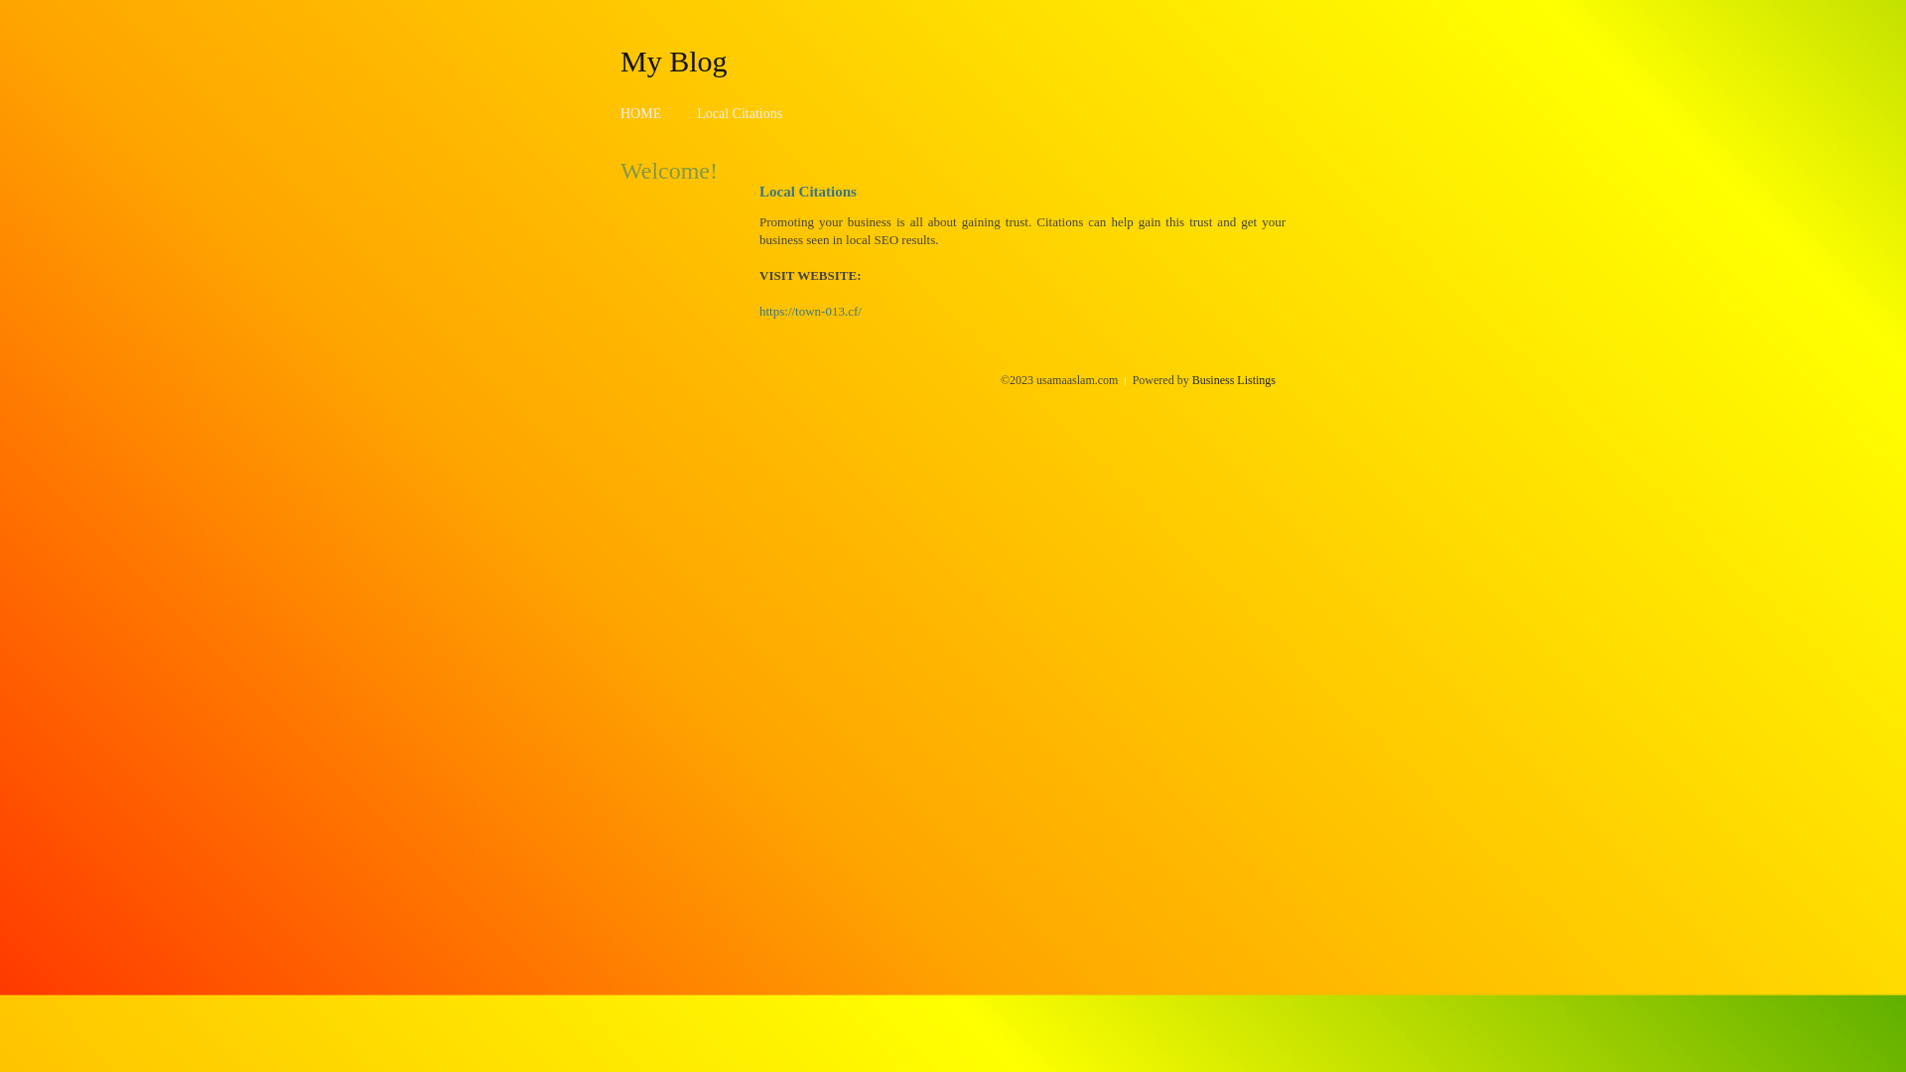 The image size is (1906, 1072). Describe the element at coordinates (757, 311) in the screenshot. I see `'https://town-013.cf/'` at that location.